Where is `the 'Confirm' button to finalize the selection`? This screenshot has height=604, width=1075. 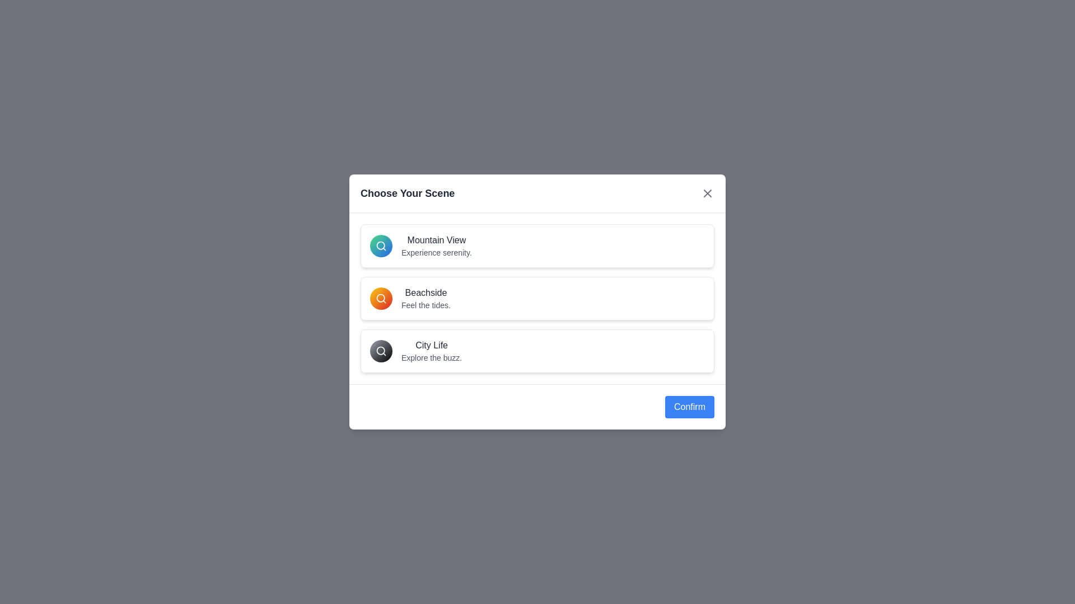
the 'Confirm' button to finalize the selection is located at coordinates (689, 407).